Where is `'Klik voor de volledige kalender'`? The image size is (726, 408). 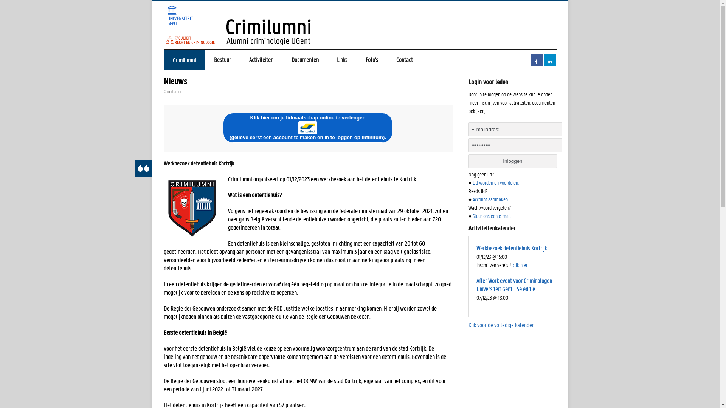 'Klik voor de volledige kalender' is located at coordinates (501, 324).